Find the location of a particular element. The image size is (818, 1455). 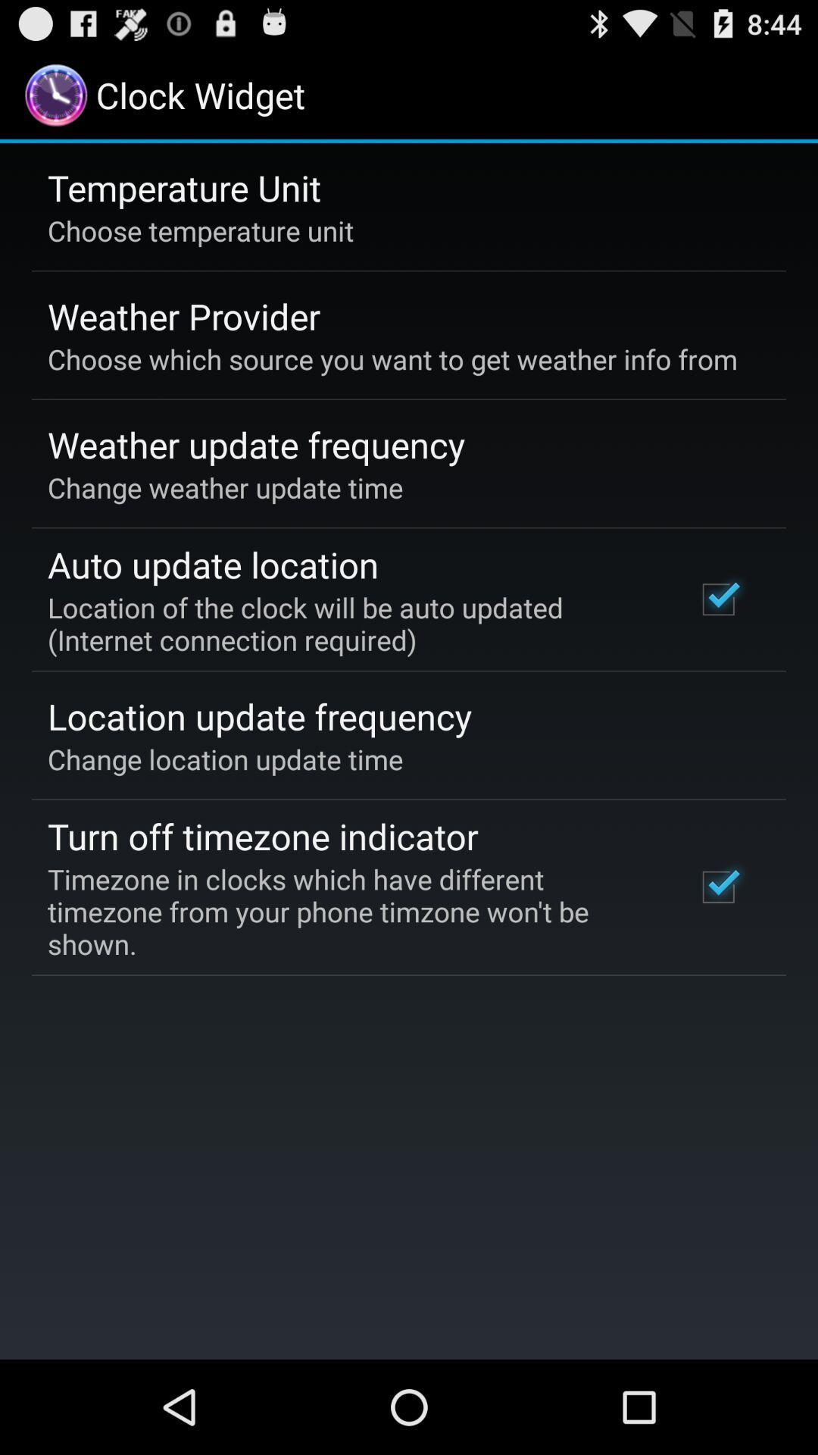

weather provider app is located at coordinates (183, 315).